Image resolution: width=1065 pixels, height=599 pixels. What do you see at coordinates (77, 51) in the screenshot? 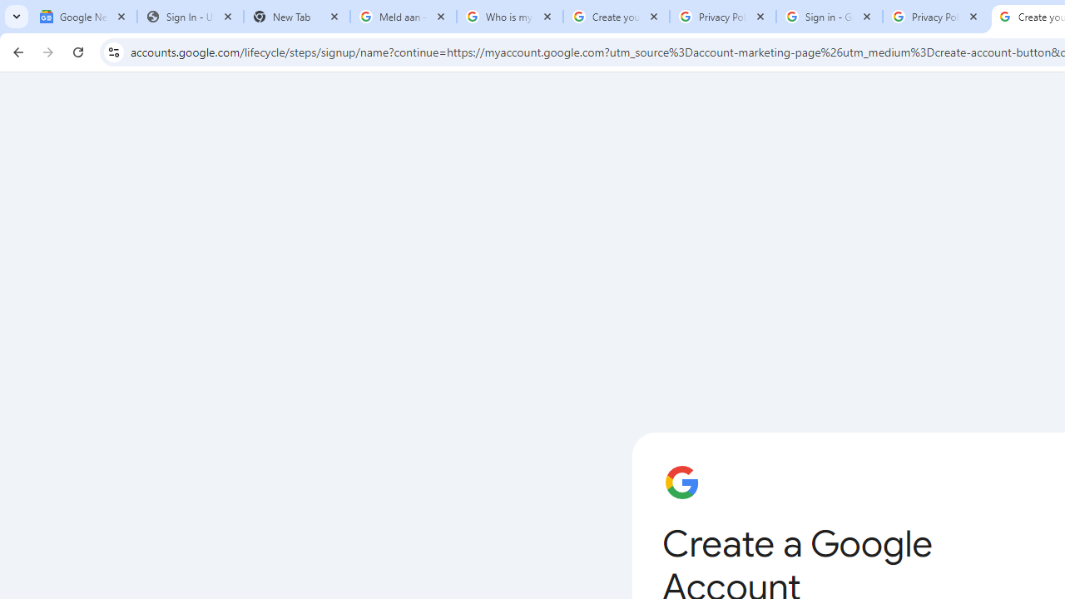
I see `'Reload'` at bounding box center [77, 51].